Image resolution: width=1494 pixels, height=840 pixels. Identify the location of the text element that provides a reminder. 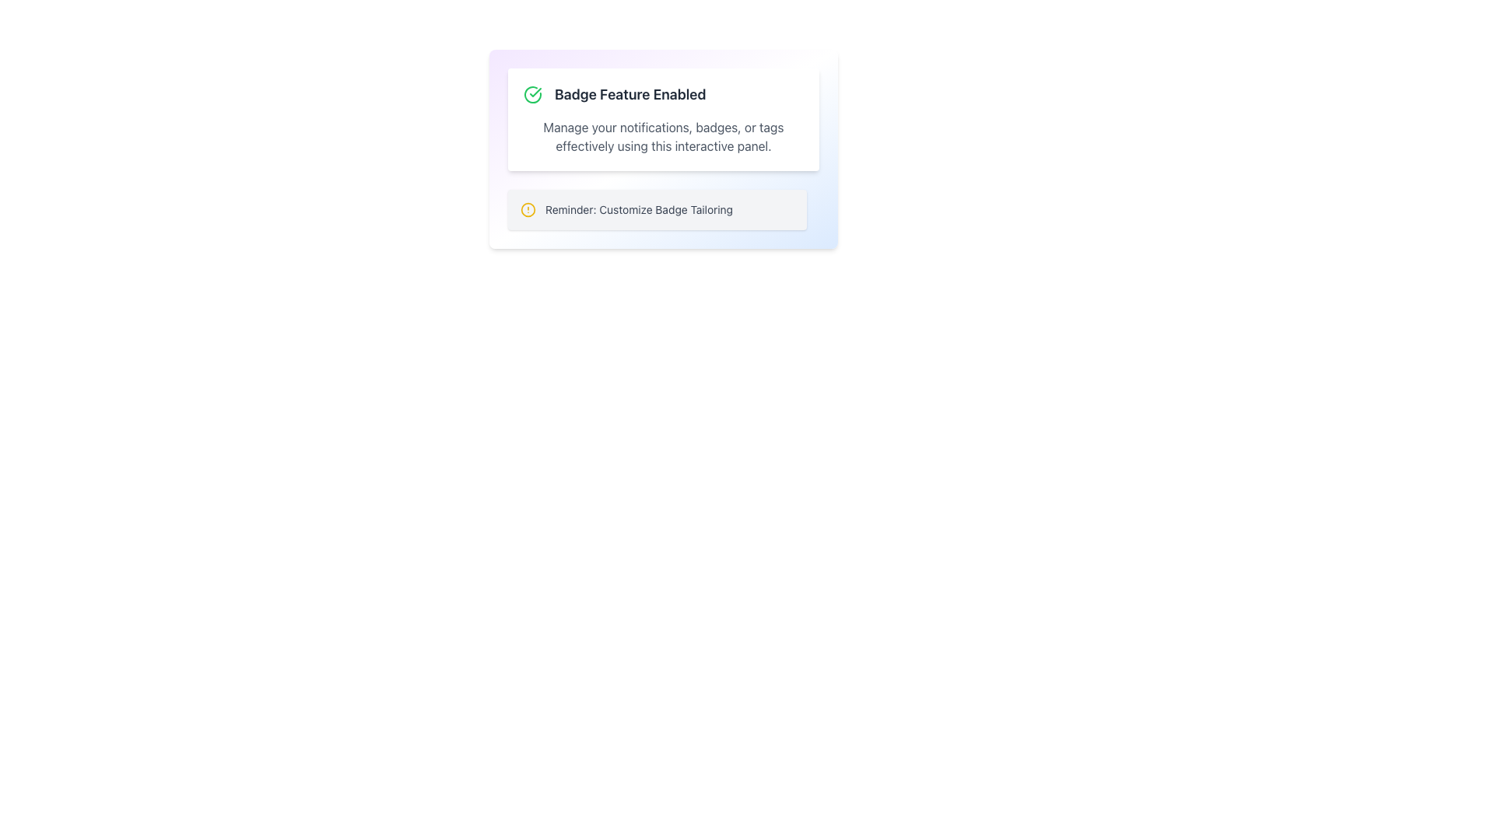
(639, 210).